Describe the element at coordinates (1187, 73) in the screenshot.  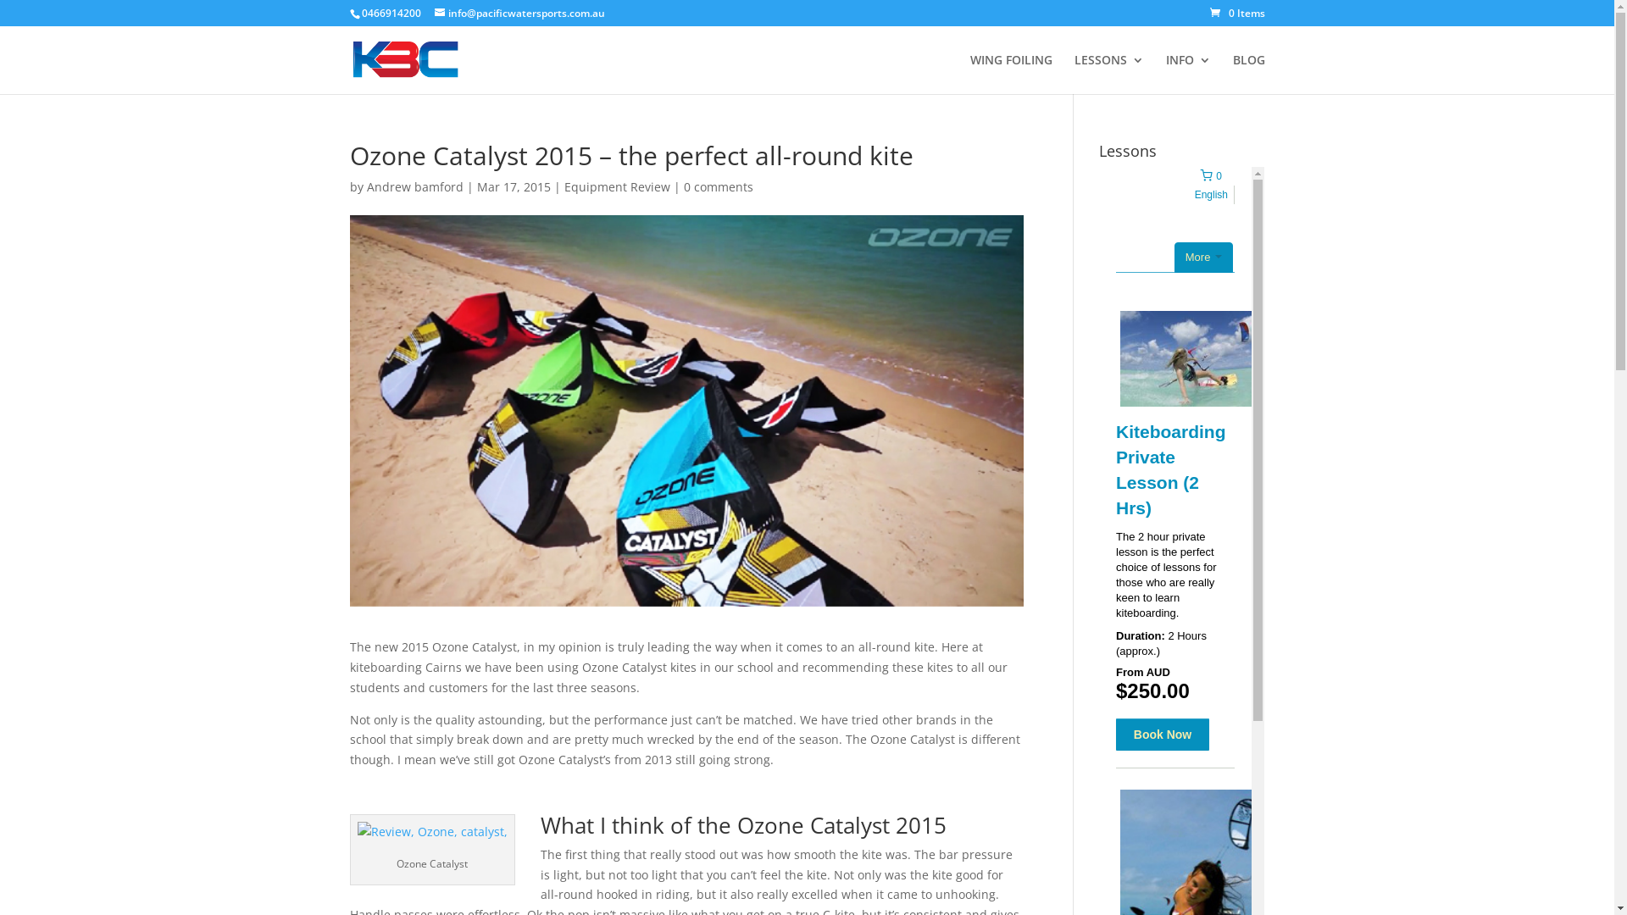
I see `'INFO'` at that location.